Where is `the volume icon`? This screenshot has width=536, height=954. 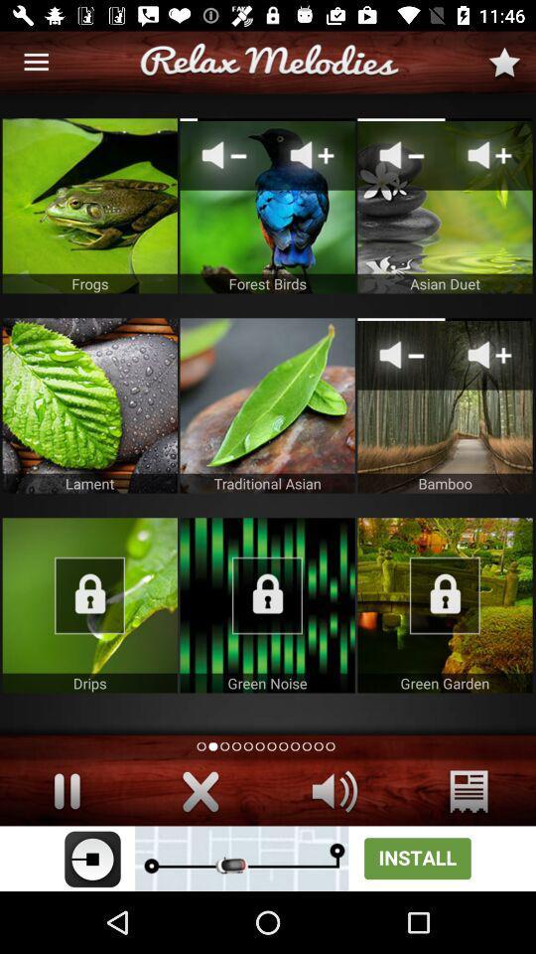
the volume icon is located at coordinates (335, 791).